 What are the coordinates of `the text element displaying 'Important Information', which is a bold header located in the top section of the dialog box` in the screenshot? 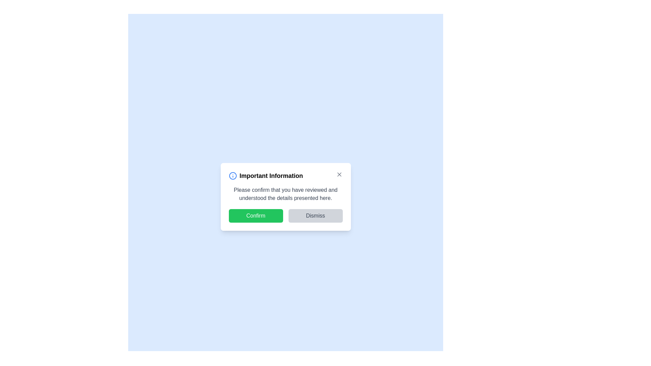 It's located at (271, 176).